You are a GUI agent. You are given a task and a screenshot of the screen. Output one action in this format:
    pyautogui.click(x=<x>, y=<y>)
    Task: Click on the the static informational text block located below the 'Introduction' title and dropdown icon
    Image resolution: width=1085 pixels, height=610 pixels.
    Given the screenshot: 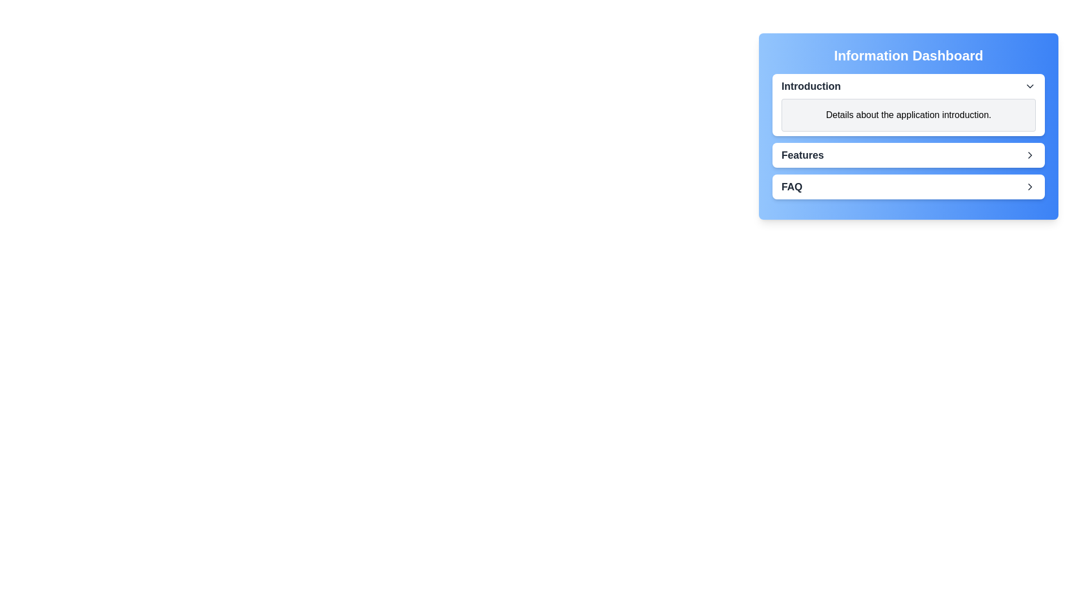 What is the action you would take?
    pyautogui.click(x=909, y=115)
    